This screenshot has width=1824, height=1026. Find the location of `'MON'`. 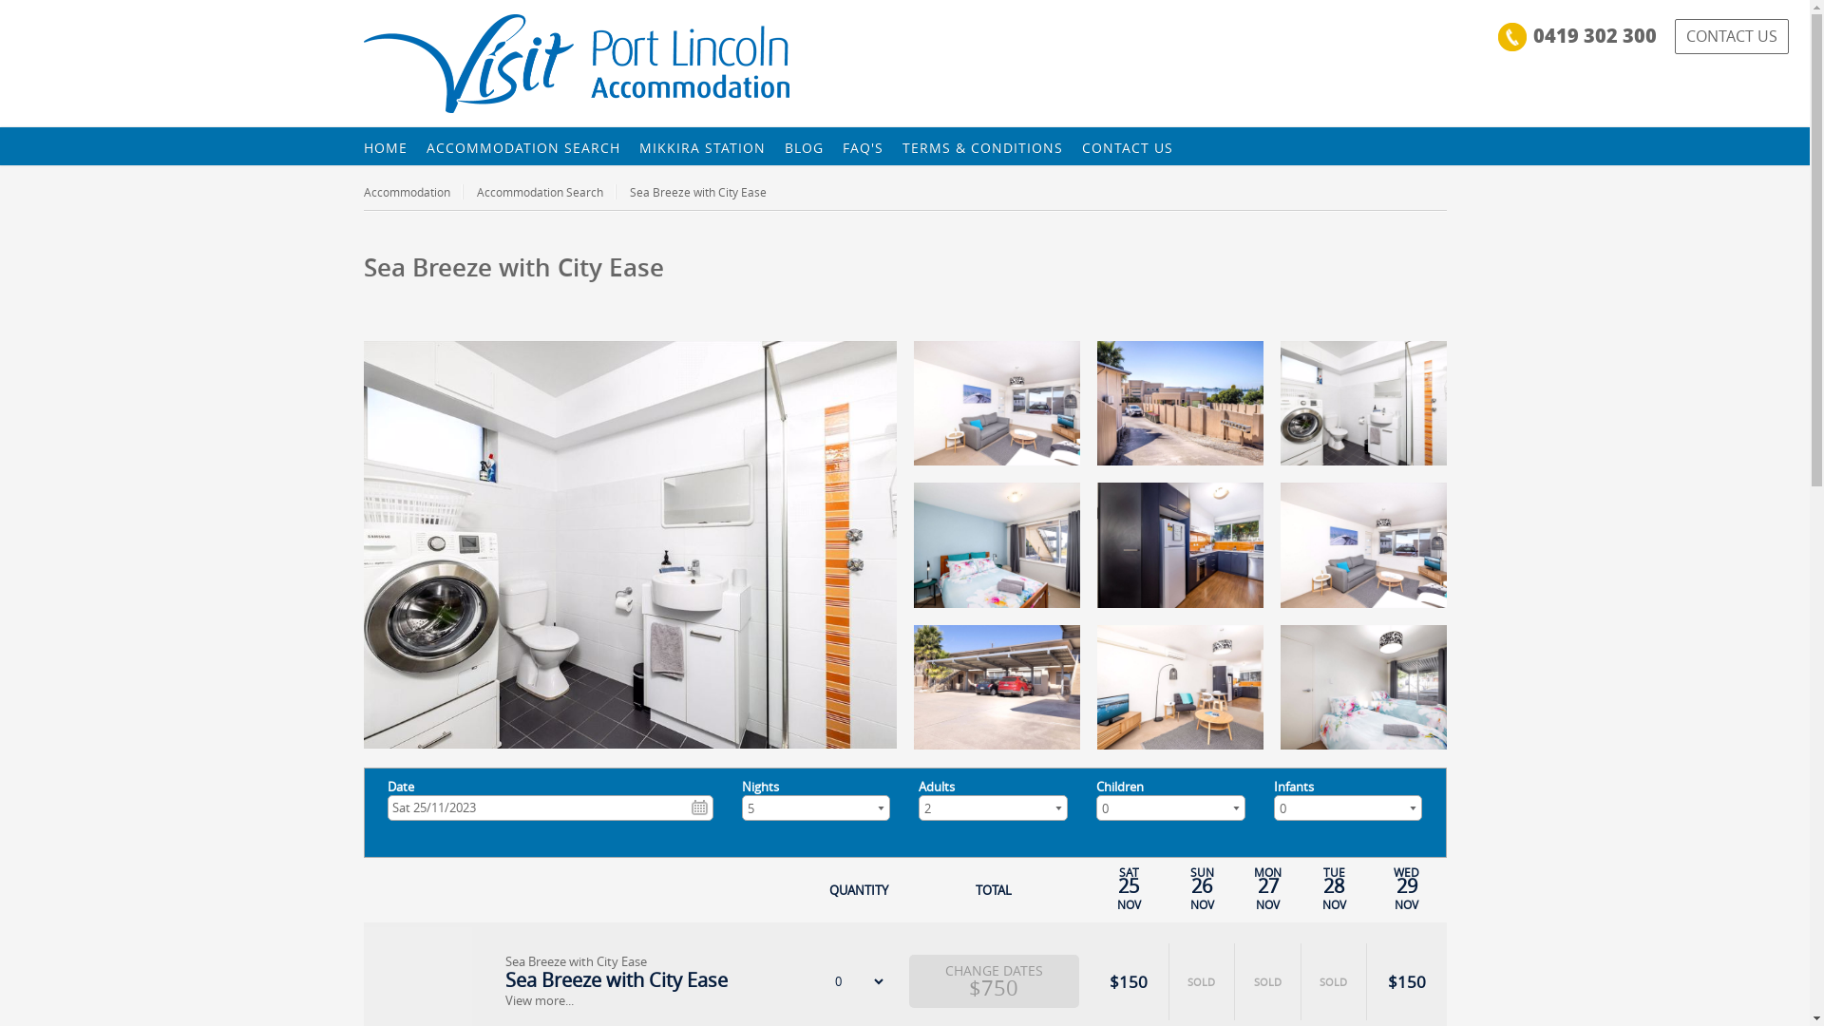

'MON' is located at coordinates (1267, 872).